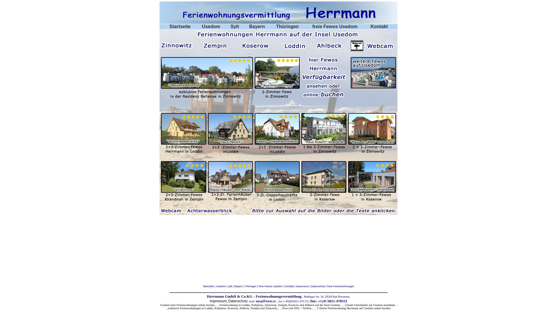  What do you see at coordinates (335, 26) in the screenshot?
I see `'freie Fewos Usedom'` at bounding box center [335, 26].